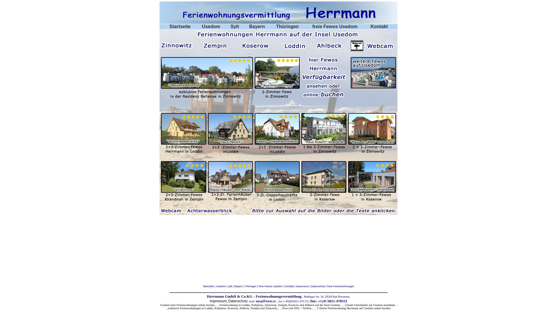  What do you see at coordinates (335, 26) in the screenshot?
I see `'freie Fewos Usedom'` at bounding box center [335, 26].